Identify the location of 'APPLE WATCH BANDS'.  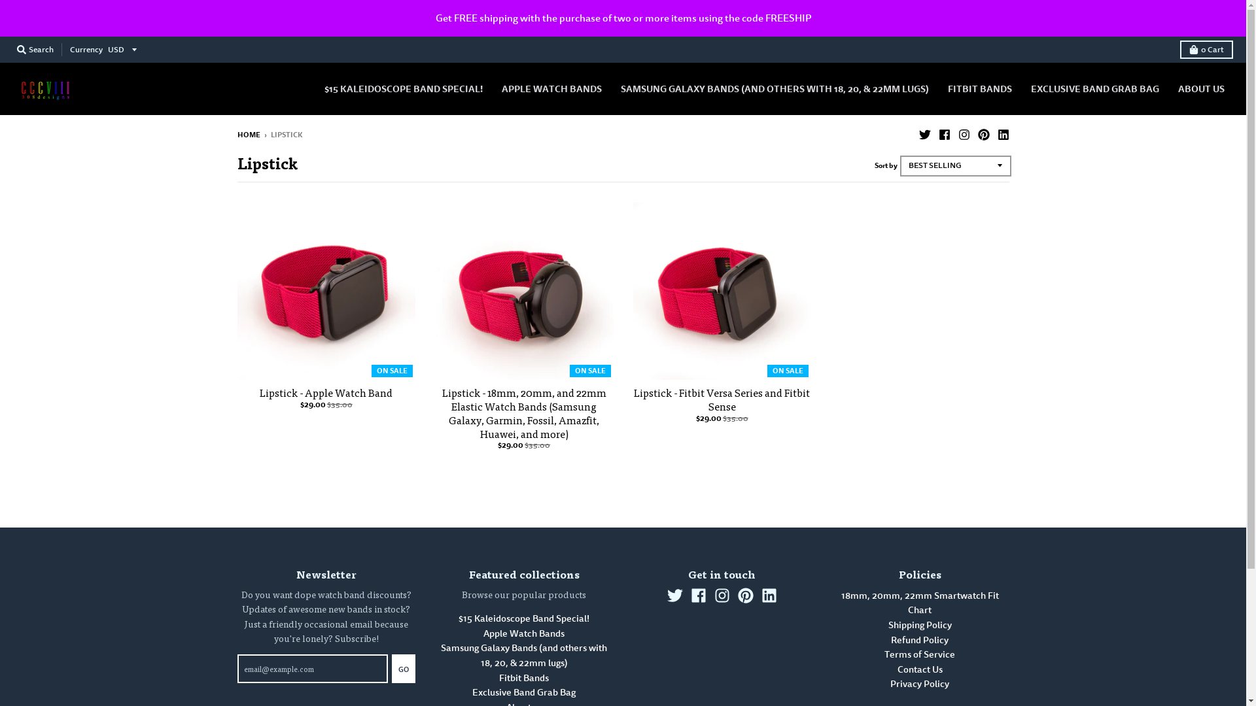
(551, 88).